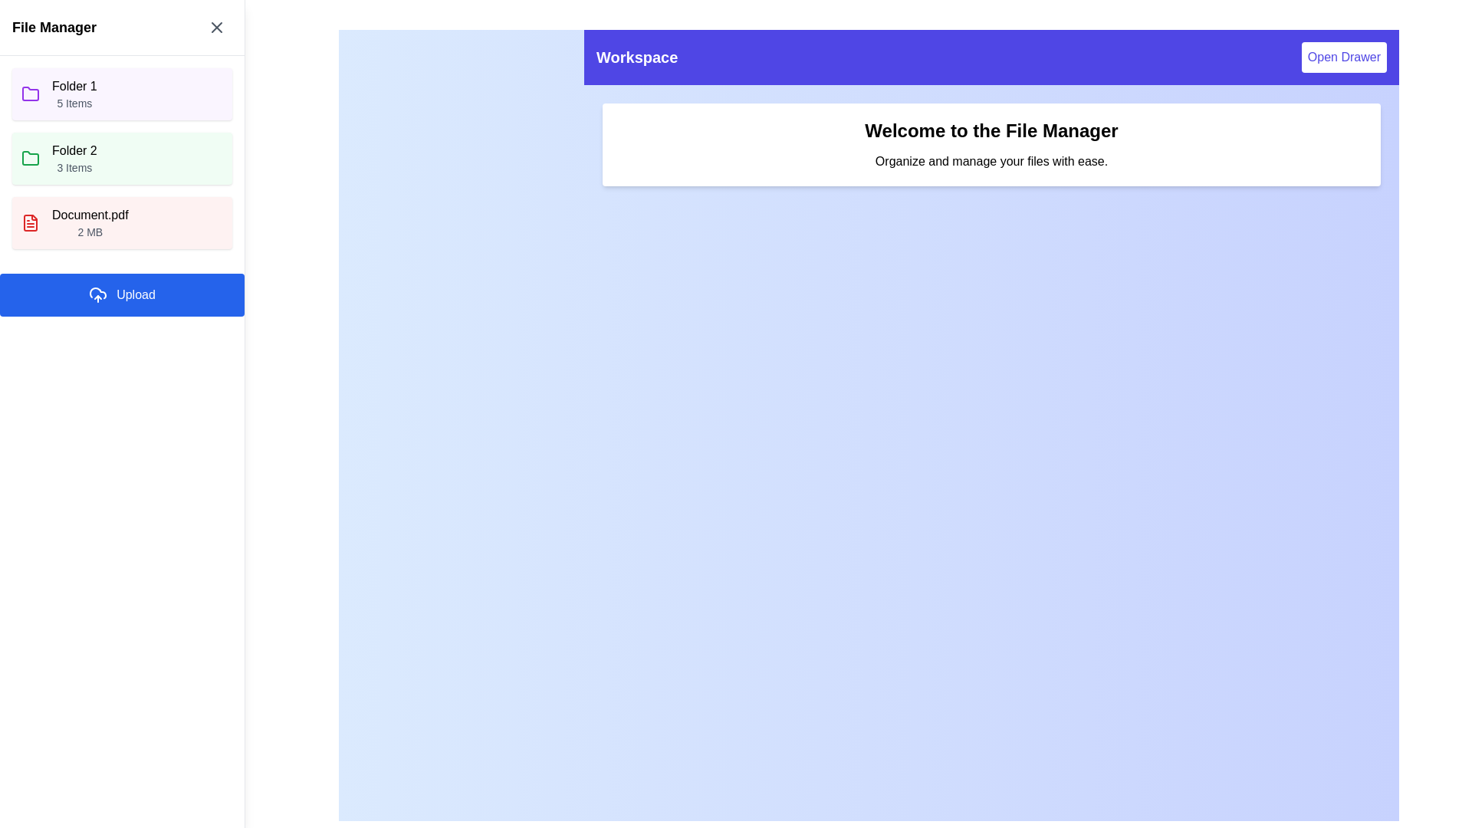  Describe the element at coordinates (89, 232) in the screenshot. I see `the static text label that provides additional information about the size of the file 'Document.pdf', located underneath it in the file manager` at that location.